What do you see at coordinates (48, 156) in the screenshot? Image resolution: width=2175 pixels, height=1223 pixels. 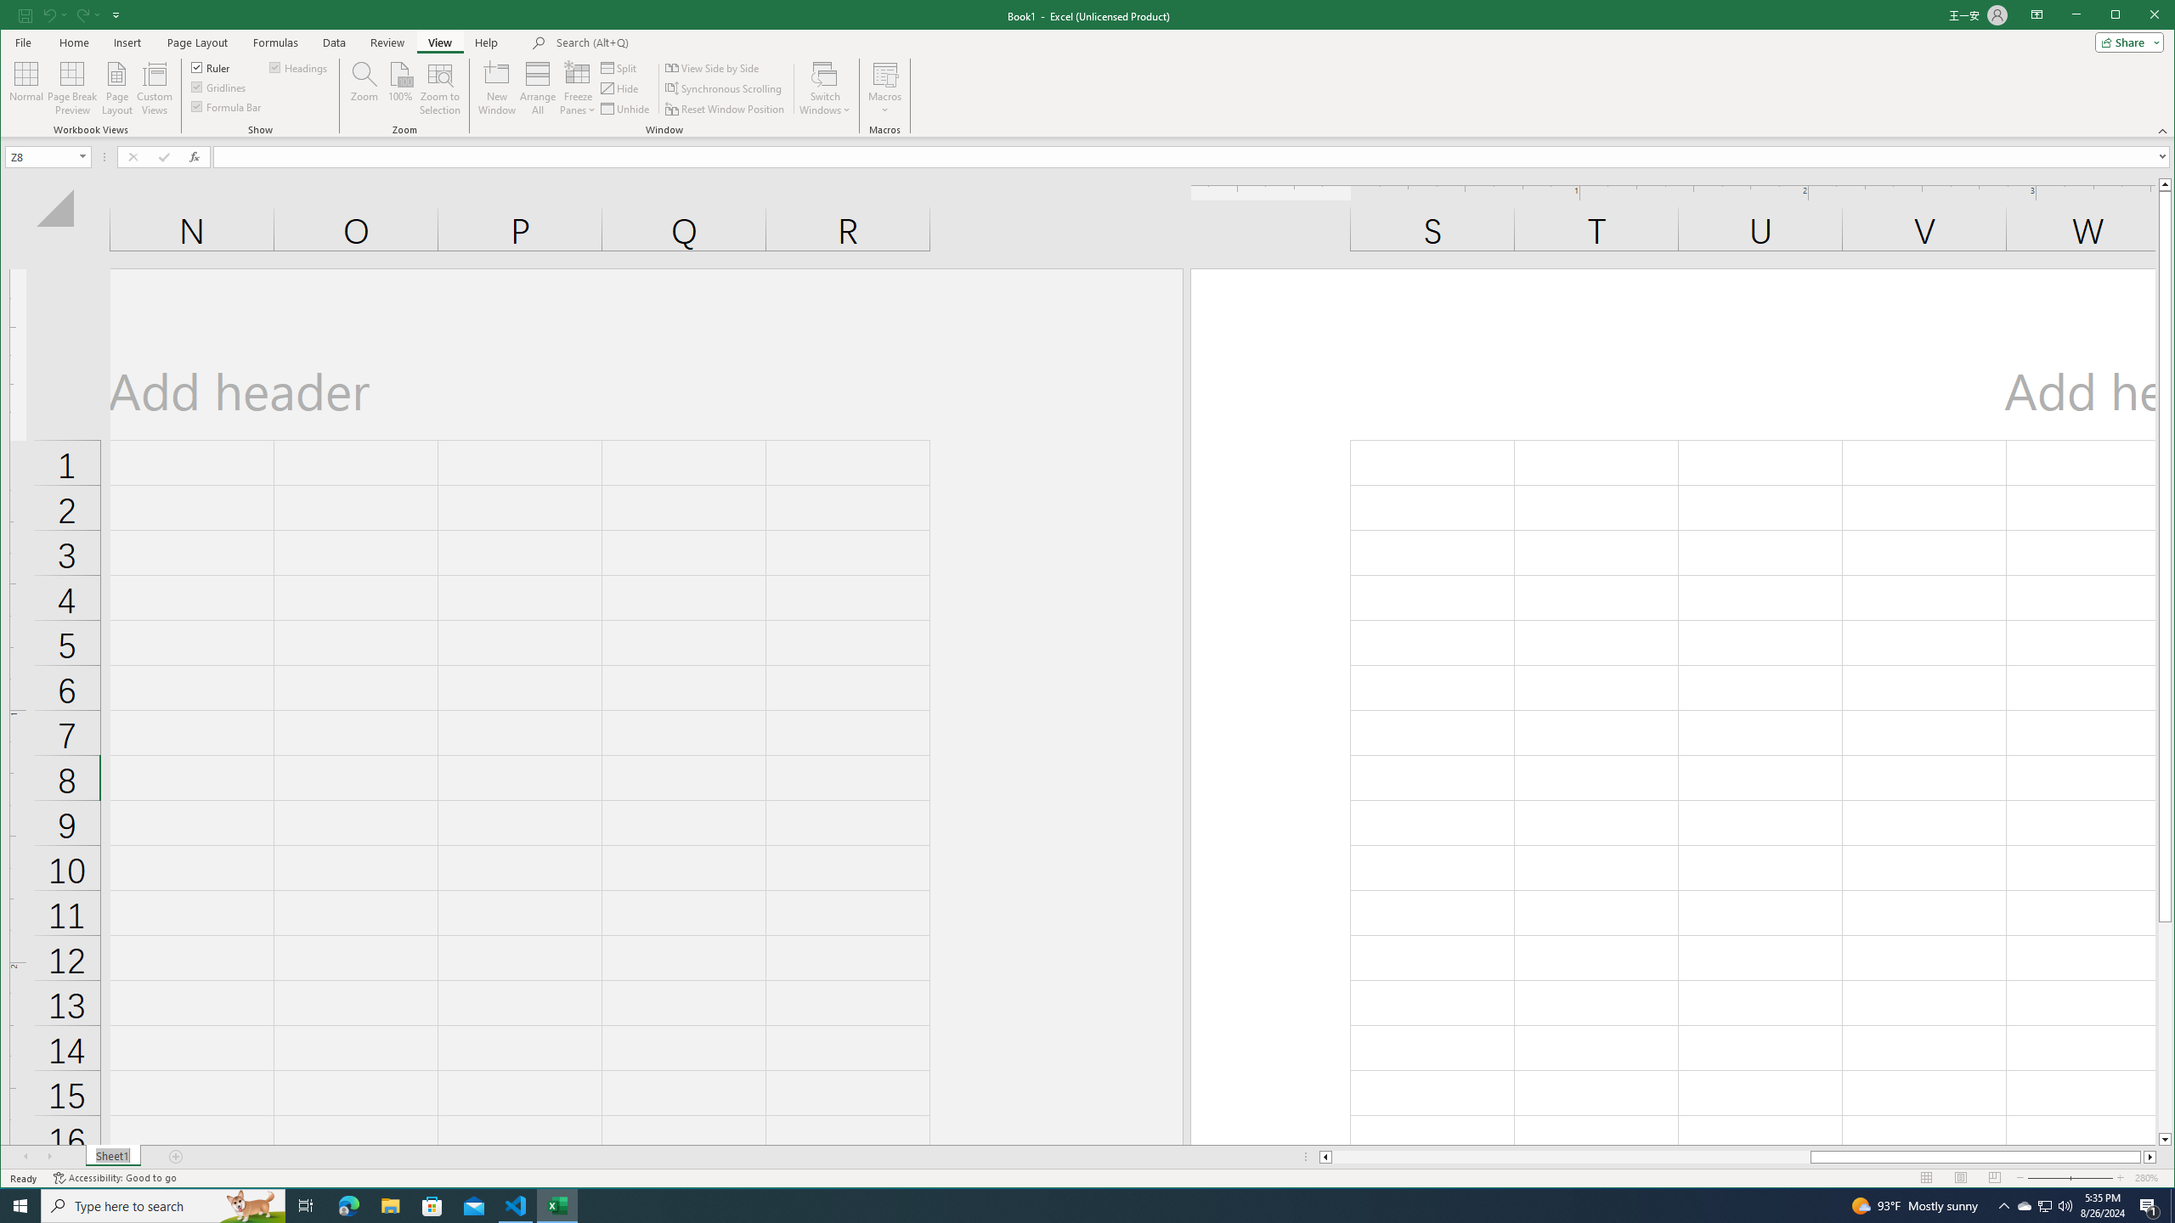 I see `'Name Box'` at bounding box center [48, 156].